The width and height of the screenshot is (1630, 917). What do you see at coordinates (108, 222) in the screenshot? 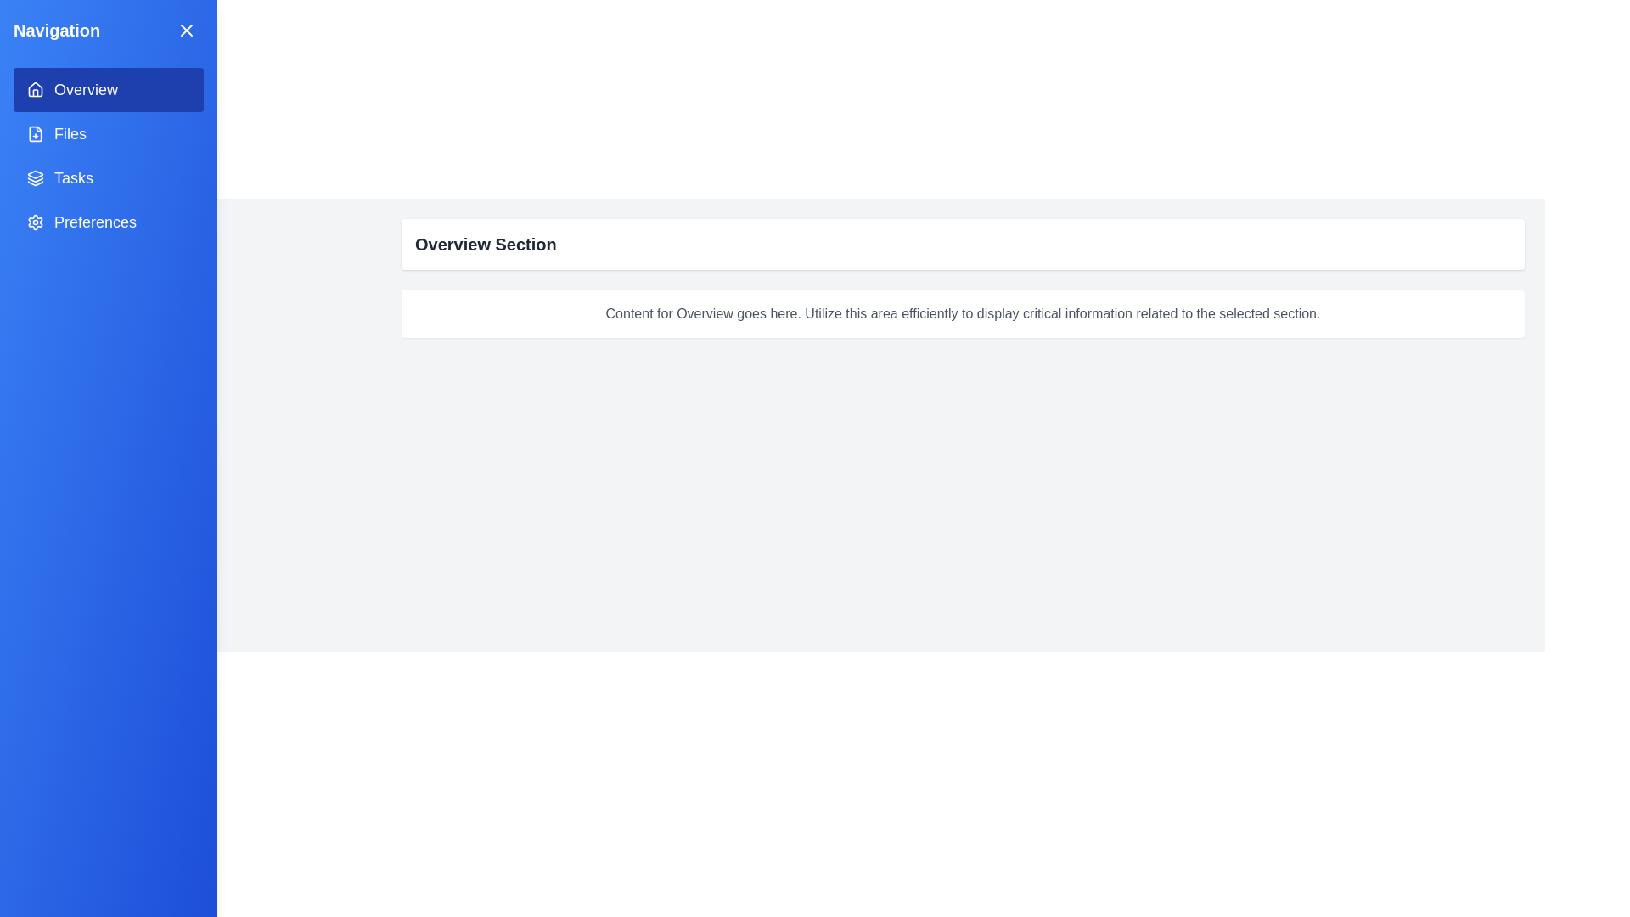
I see `the menu item corresponding to Preferences in the navigation menu` at bounding box center [108, 222].